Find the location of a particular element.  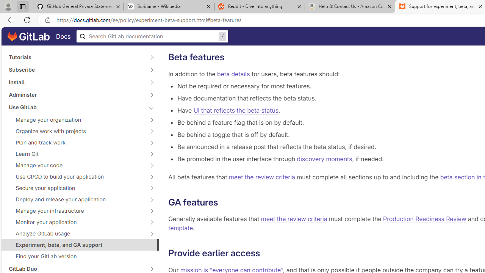

'Experiment, beta, and GA support' is located at coordinates (80, 245).